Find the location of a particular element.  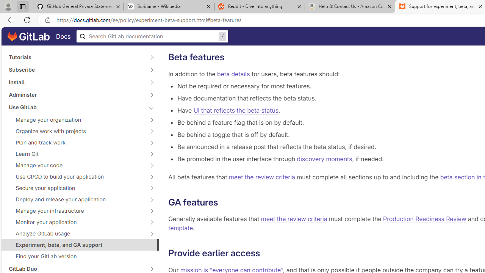

'Experiment, beta, and GA support' is located at coordinates (80, 245).